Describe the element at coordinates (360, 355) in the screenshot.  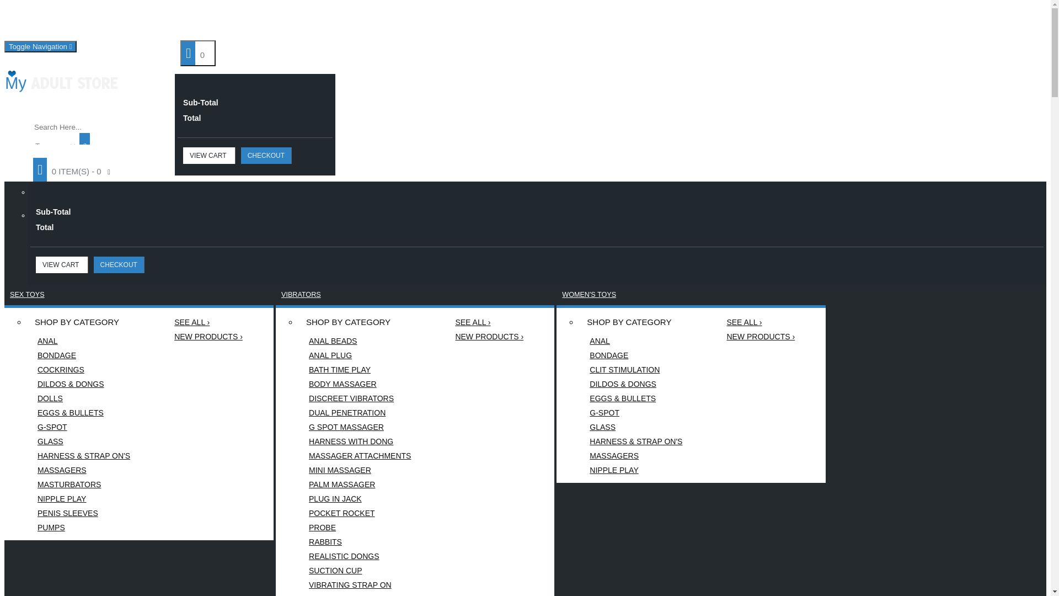
I see `'ANAL PLUG'` at that location.